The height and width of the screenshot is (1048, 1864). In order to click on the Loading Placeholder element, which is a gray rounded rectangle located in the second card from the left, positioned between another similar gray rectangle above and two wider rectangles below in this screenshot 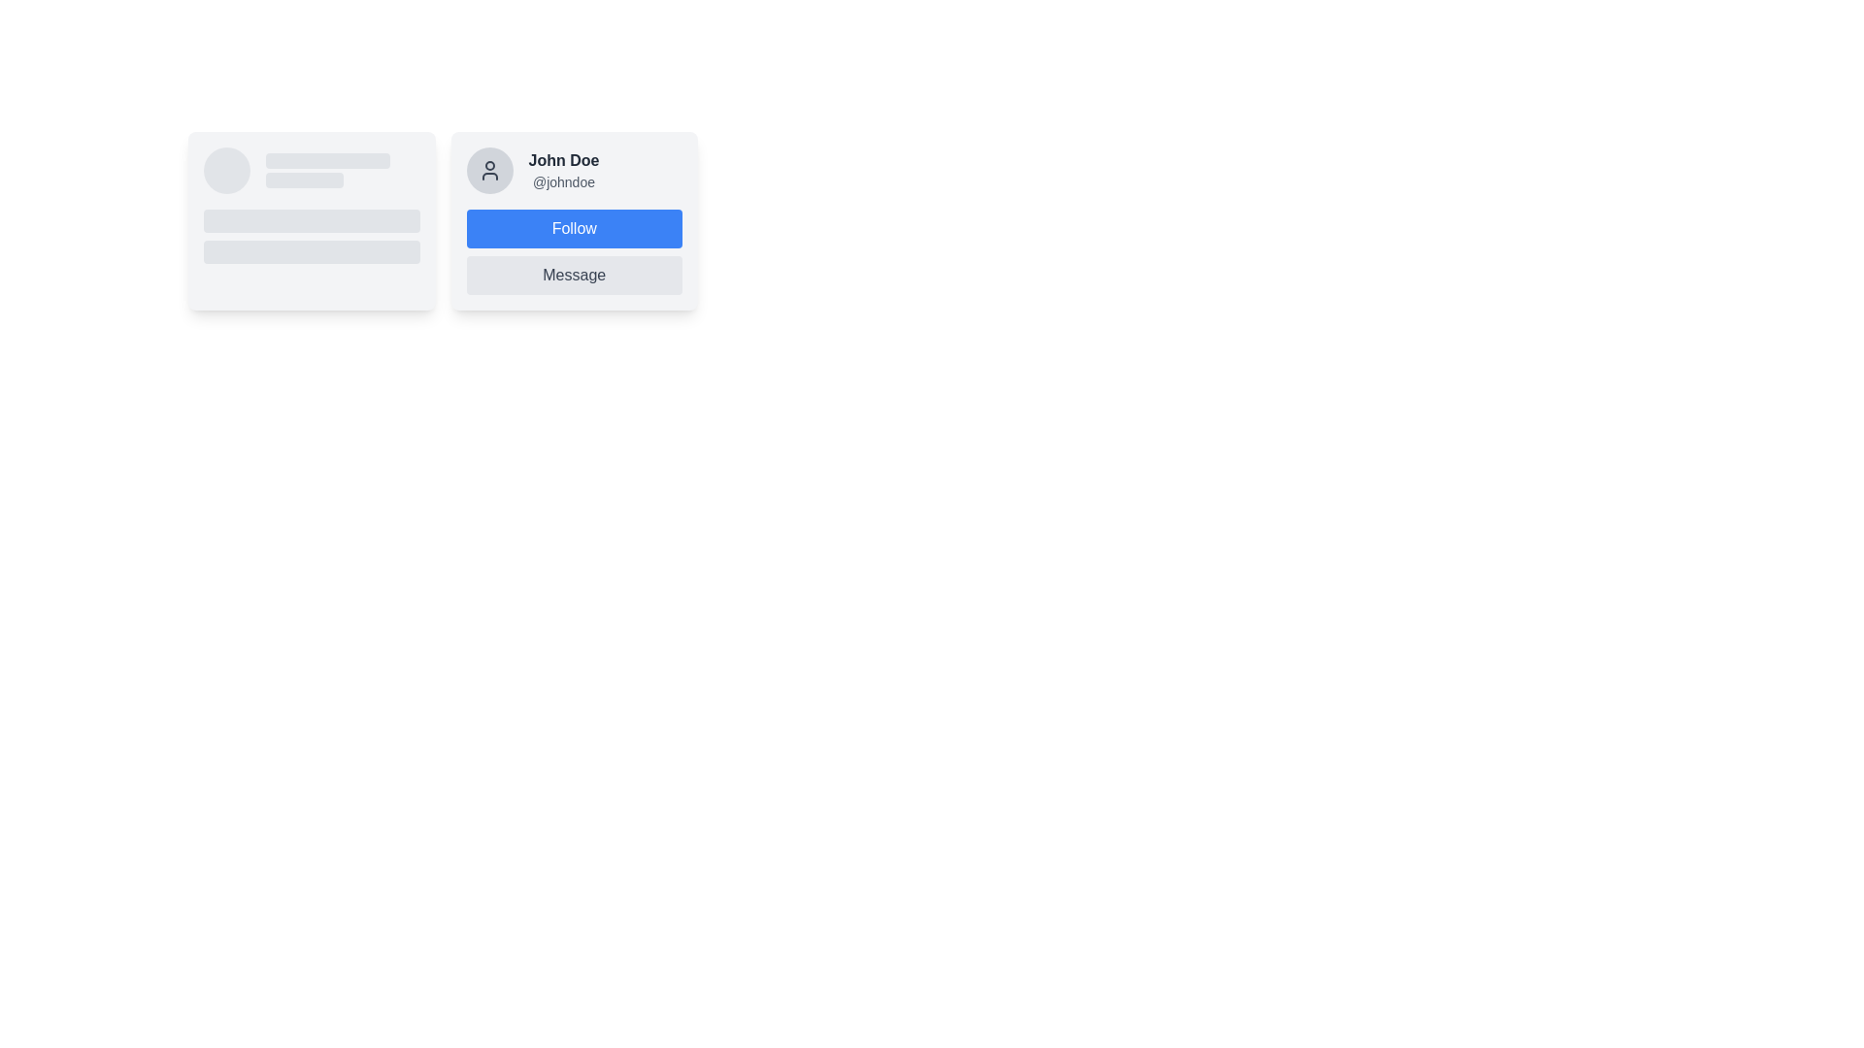, I will do `click(303, 180)`.